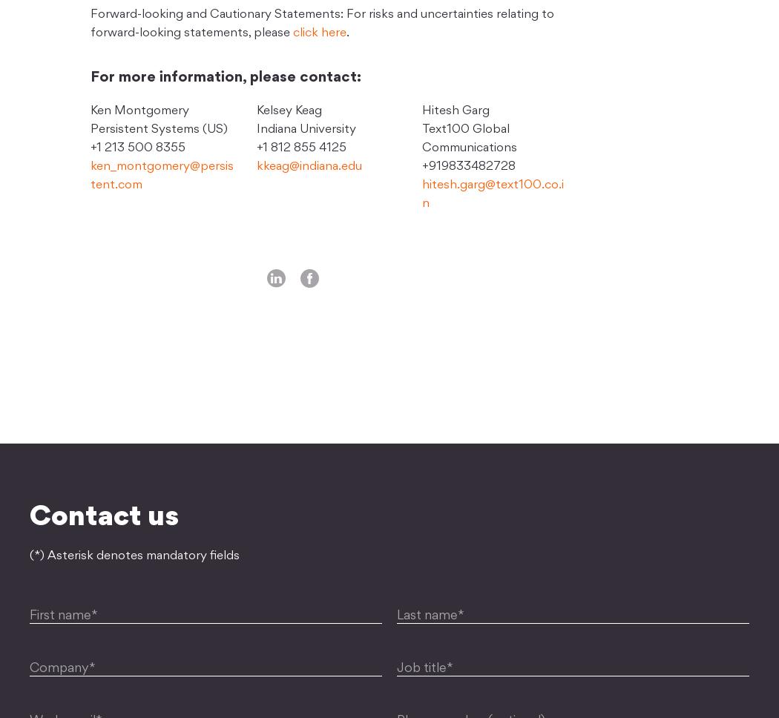 This screenshot has height=718, width=779. Describe the element at coordinates (430, 616) in the screenshot. I see `'Last name*'` at that location.